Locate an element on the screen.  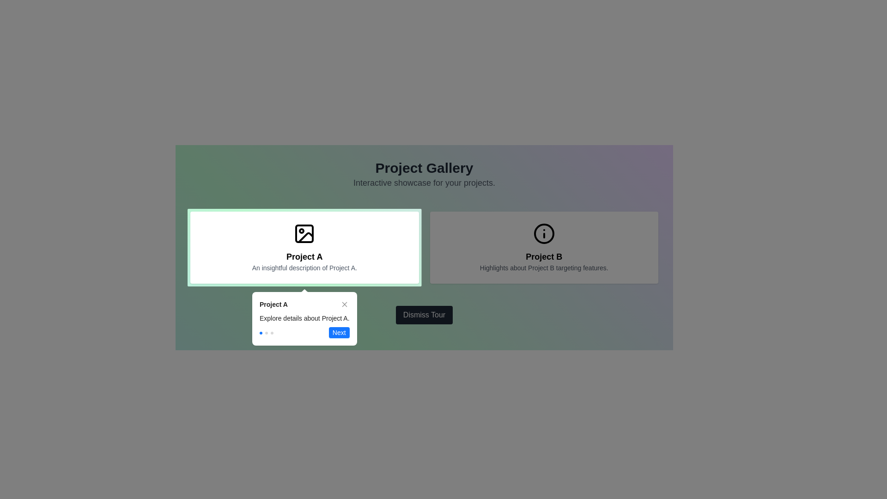
the help icon located within the content box for 'Project B', which is centered above the text content and below the upper border of the box is located at coordinates (544, 233).